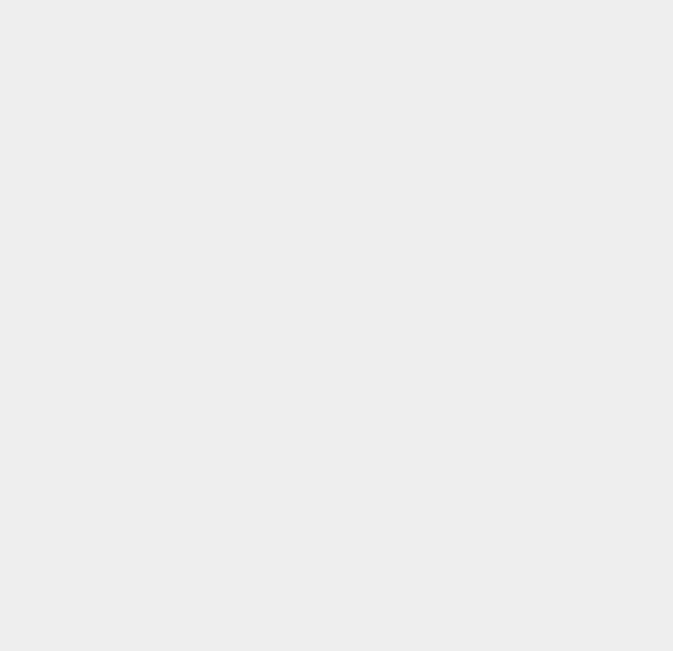 Image resolution: width=673 pixels, height=651 pixels. What do you see at coordinates (492, 173) in the screenshot?
I see `'Walmart'` at bounding box center [492, 173].